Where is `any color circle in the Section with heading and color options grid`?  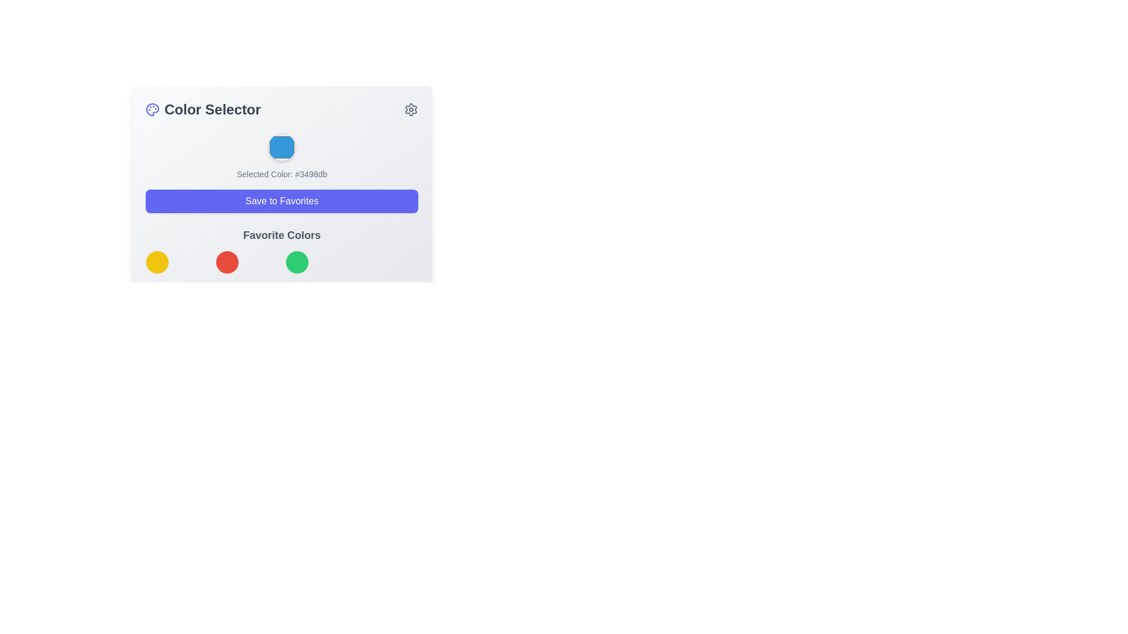 any color circle in the Section with heading and color options grid is located at coordinates (282, 250).